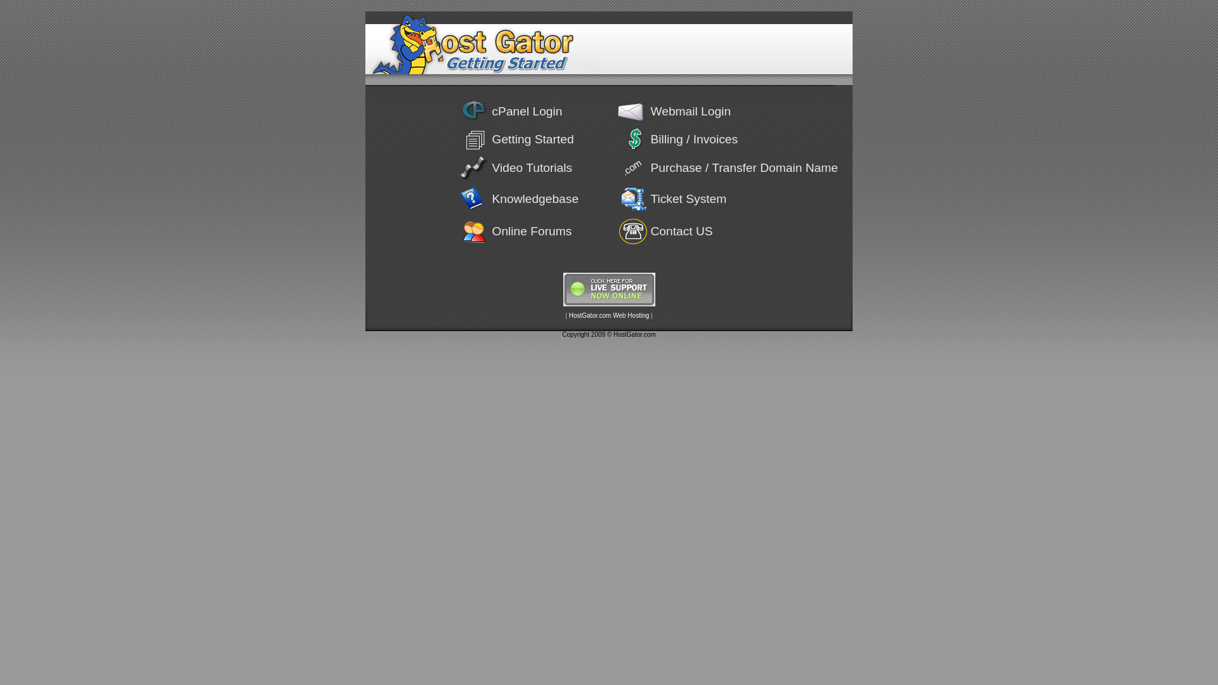 Image resolution: width=1218 pixels, height=685 pixels. Describe the element at coordinates (650, 167) in the screenshot. I see `'Purchase / Transfer Domain Name'` at that location.